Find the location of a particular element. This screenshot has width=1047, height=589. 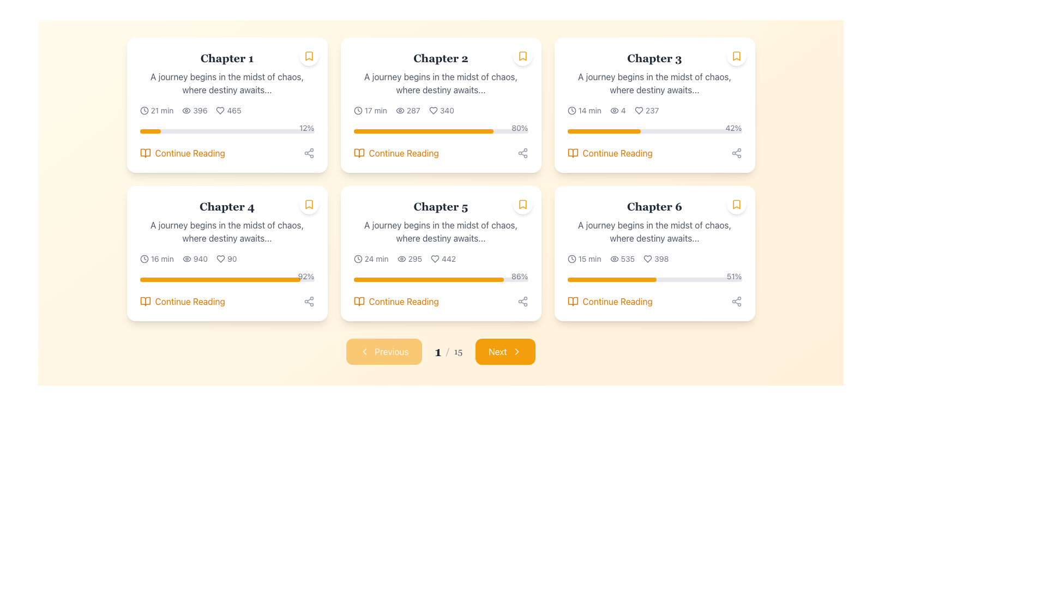

the 'Continue Reading' icon located to the left of the 'Continue Reading' text button under the summary of 'Chapter 3' is located at coordinates (572, 153).